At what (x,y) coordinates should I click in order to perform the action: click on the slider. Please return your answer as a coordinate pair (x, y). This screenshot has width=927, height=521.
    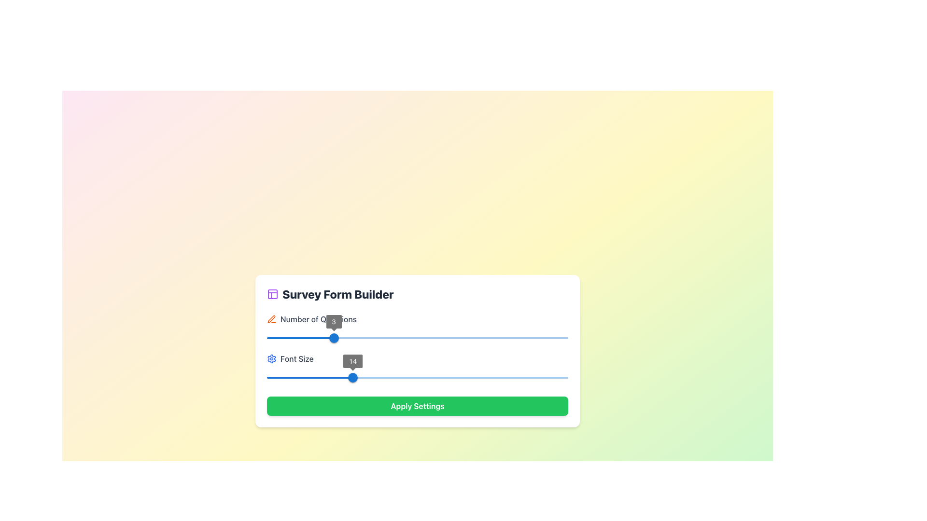
    Looking at the image, I should click on (357, 338).